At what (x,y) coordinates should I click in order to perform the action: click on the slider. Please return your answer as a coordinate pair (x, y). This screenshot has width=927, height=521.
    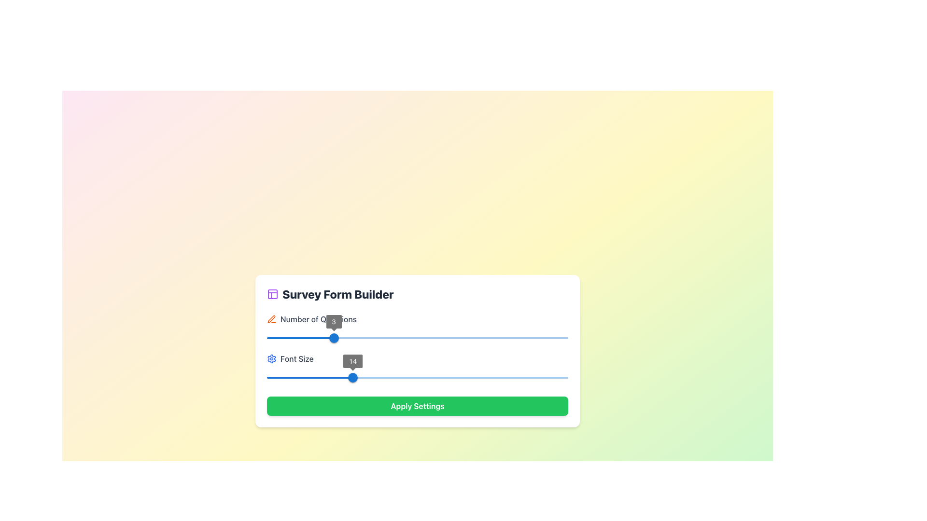
    Looking at the image, I should click on (357, 338).